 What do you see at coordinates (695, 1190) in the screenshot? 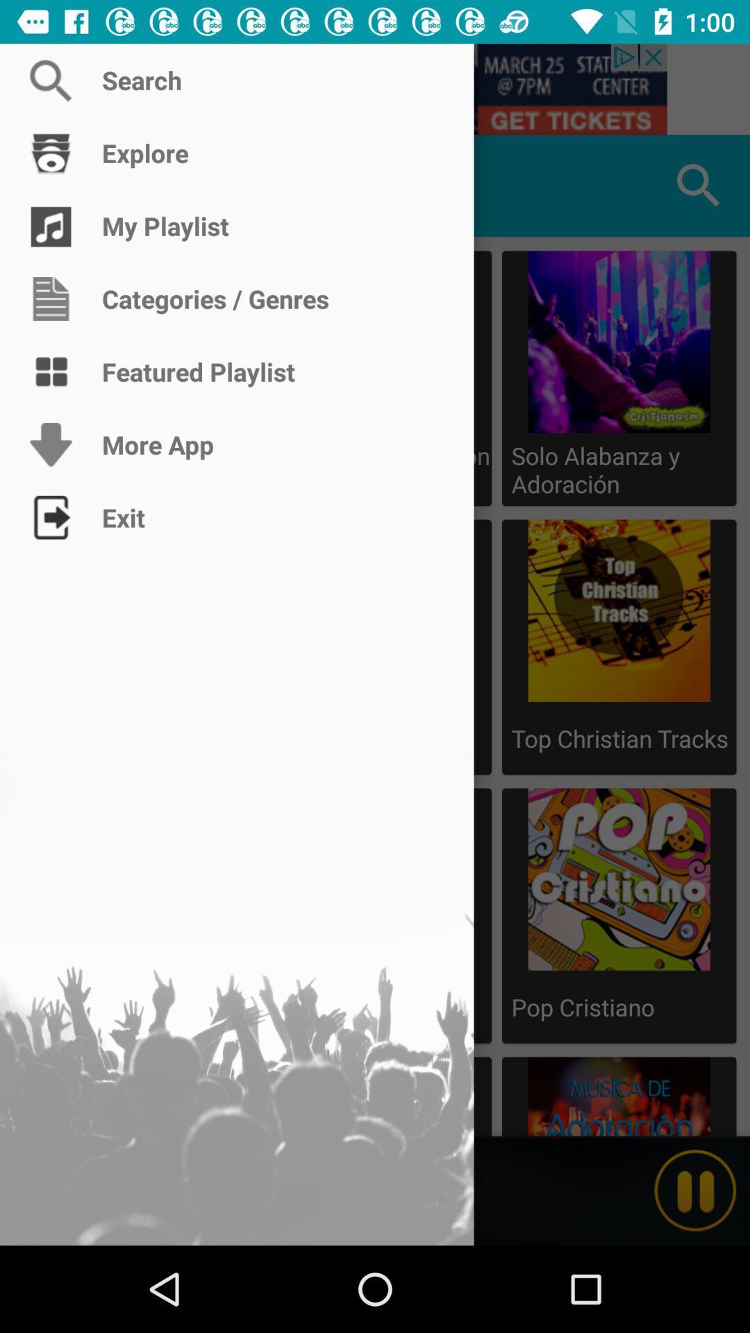
I see `switch to play` at bounding box center [695, 1190].